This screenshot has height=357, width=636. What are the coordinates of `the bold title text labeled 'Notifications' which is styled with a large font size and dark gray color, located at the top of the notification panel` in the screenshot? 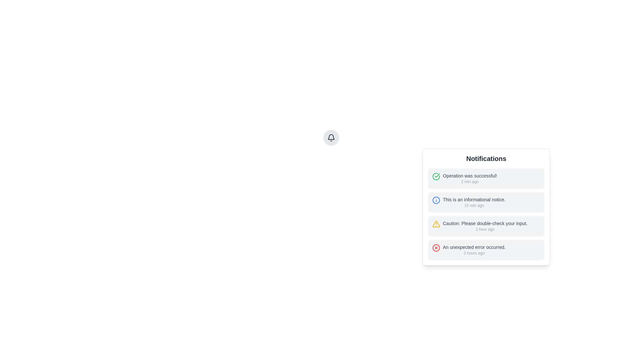 It's located at (486, 158).